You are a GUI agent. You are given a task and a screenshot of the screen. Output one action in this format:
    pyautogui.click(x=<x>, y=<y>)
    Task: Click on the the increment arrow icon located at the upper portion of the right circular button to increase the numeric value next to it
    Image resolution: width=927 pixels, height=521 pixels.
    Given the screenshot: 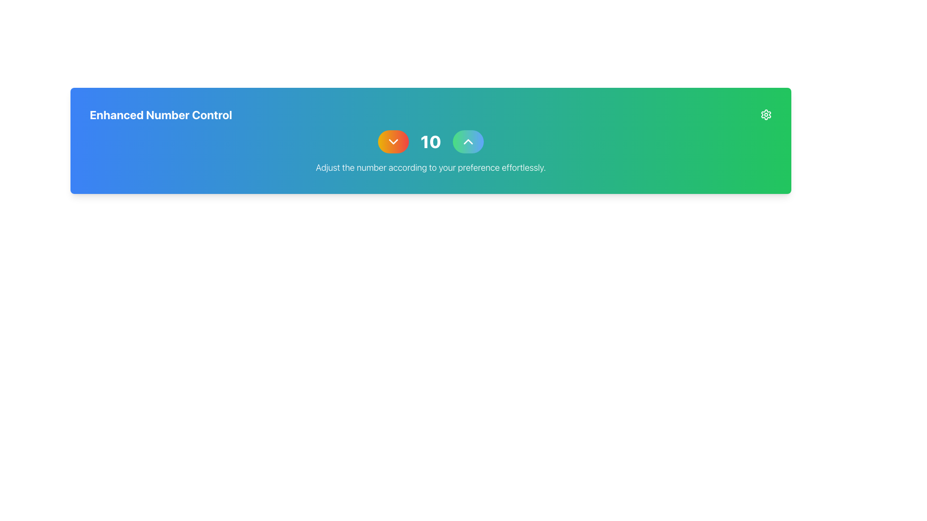 What is the action you would take?
    pyautogui.click(x=468, y=141)
    